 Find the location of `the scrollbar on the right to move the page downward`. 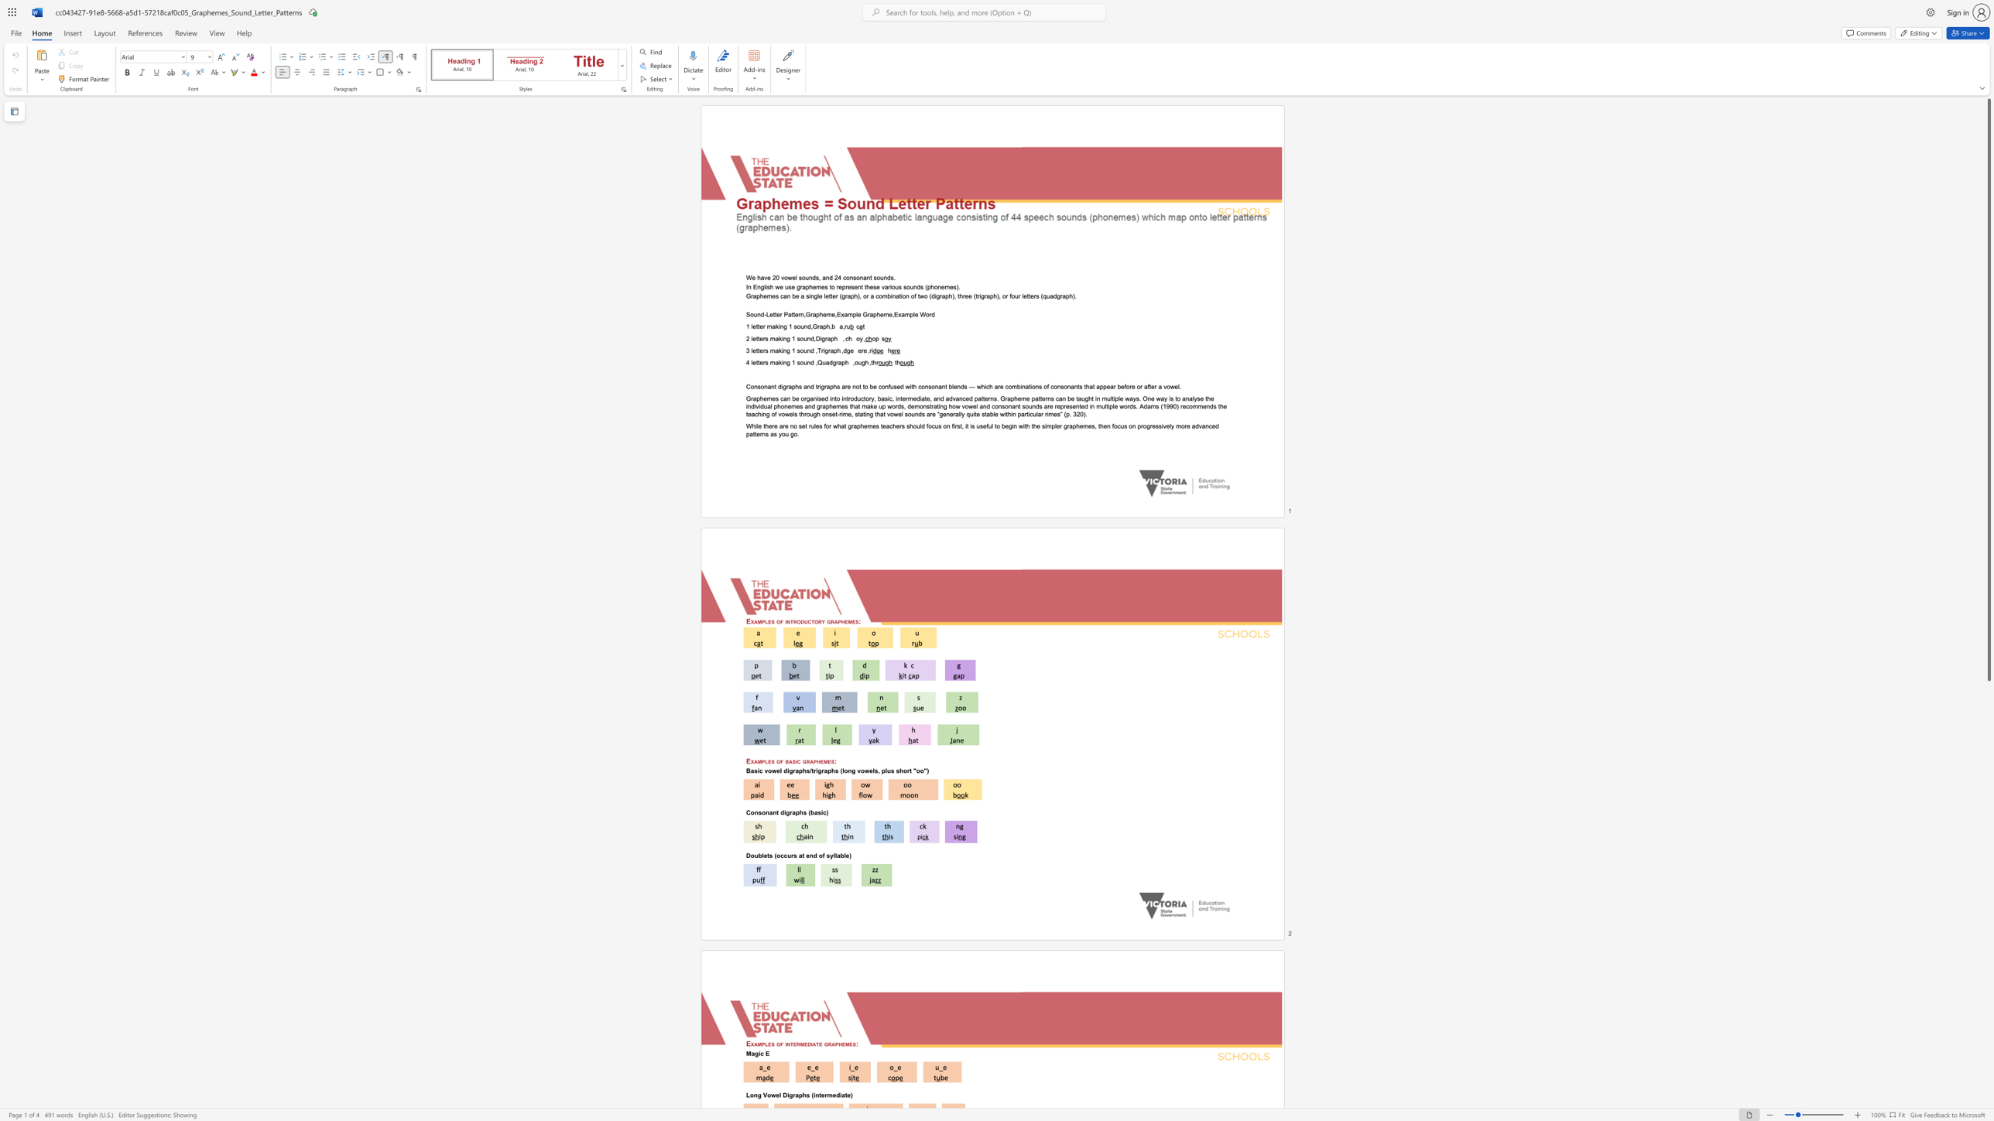

the scrollbar on the right to move the page downward is located at coordinates (1988, 1021).